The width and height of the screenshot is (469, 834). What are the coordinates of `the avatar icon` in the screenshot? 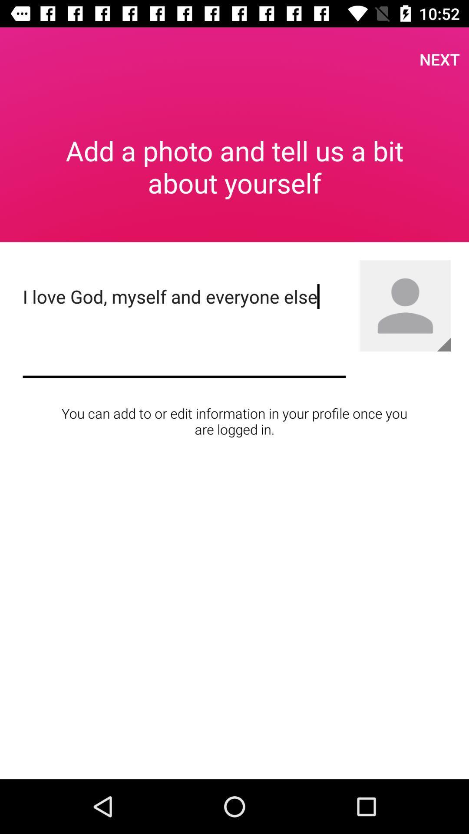 It's located at (405, 306).